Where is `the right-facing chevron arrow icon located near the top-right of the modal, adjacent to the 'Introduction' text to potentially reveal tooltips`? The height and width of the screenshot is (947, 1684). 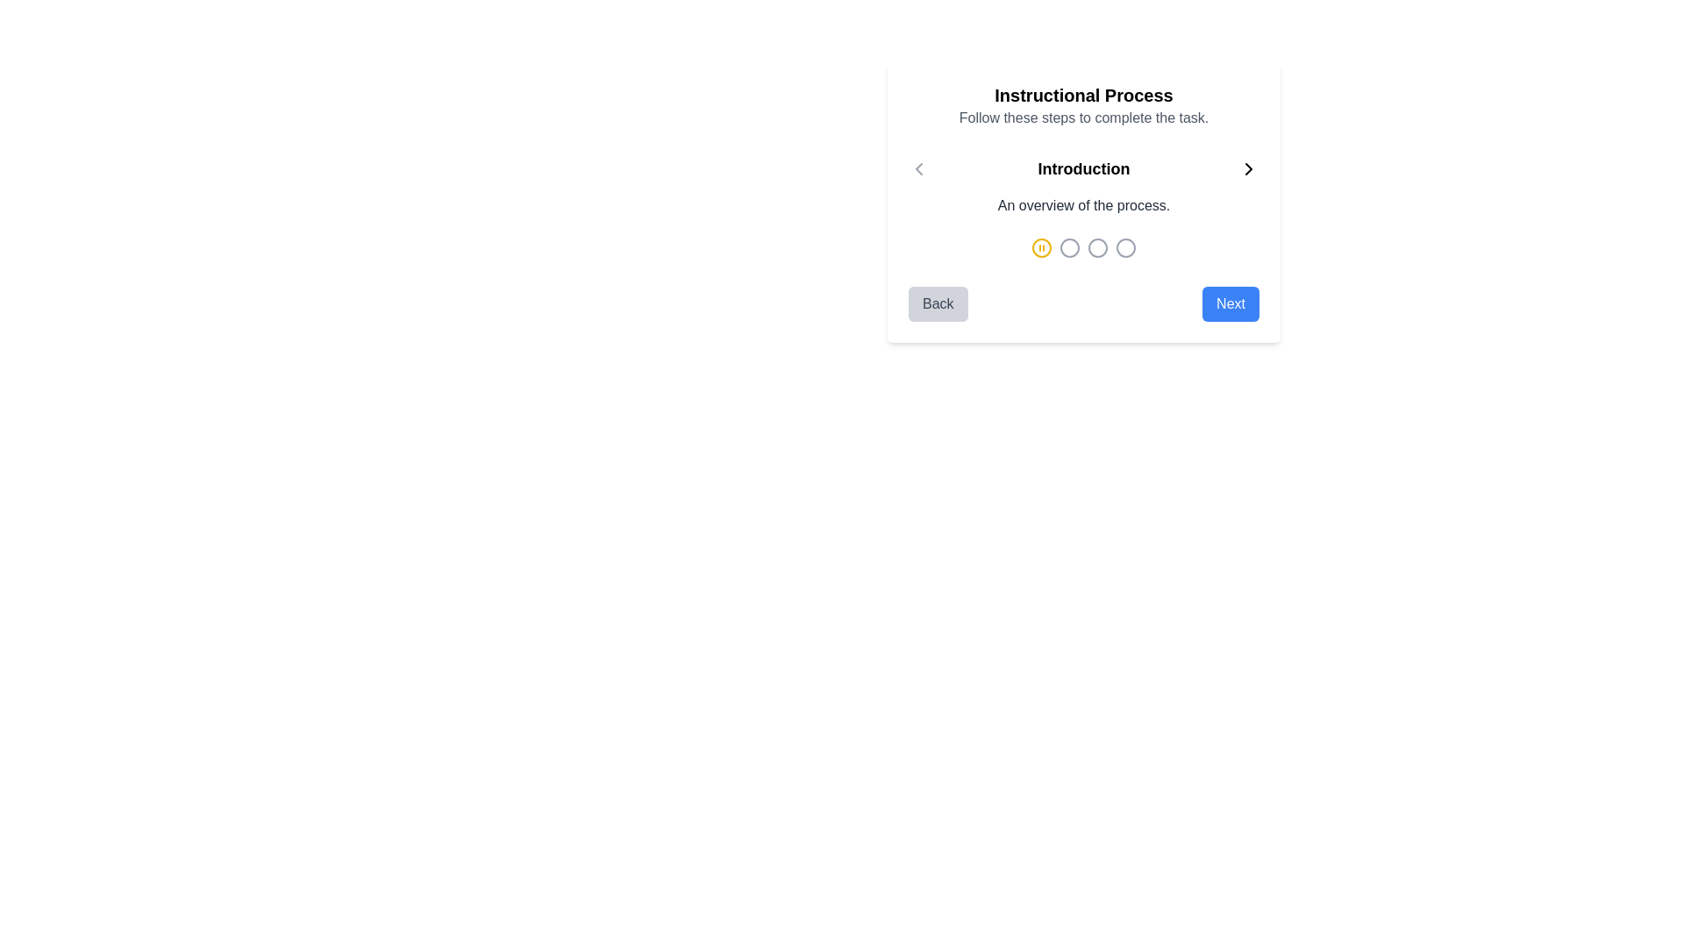 the right-facing chevron arrow icon located near the top-right of the modal, adjacent to the 'Introduction' text to potentially reveal tooltips is located at coordinates (1248, 168).